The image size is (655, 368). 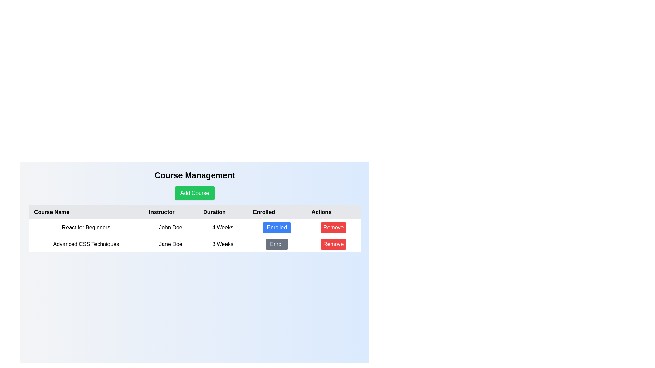 What do you see at coordinates (86, 227) in the screenshot?
I see `the text label that says 'React for Beginners', which is positioned in the first column of the first row of a table, immediately left of 'John Doe'` at bounding box center [86, 227].